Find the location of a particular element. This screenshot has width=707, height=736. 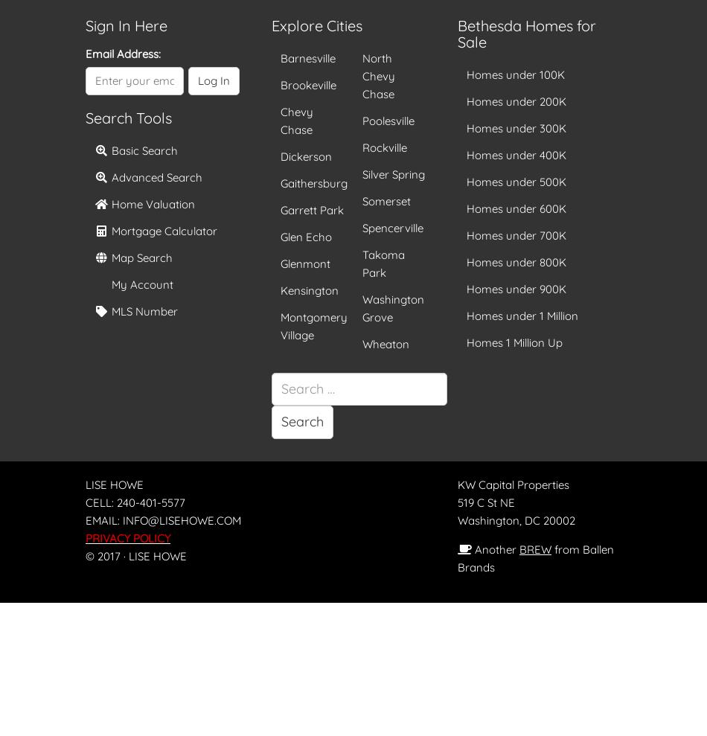

'Poolesville' is located at coordinates (388, 119).